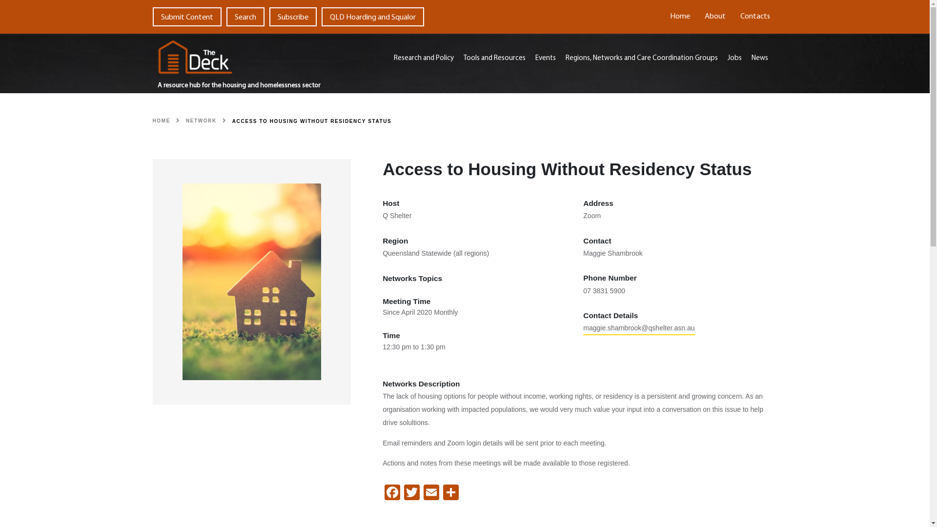  Describe the element at coordinates (583, 329) in the screenshot. I see `'maggie.shambrook@qshelter.asn.au'` at that location.